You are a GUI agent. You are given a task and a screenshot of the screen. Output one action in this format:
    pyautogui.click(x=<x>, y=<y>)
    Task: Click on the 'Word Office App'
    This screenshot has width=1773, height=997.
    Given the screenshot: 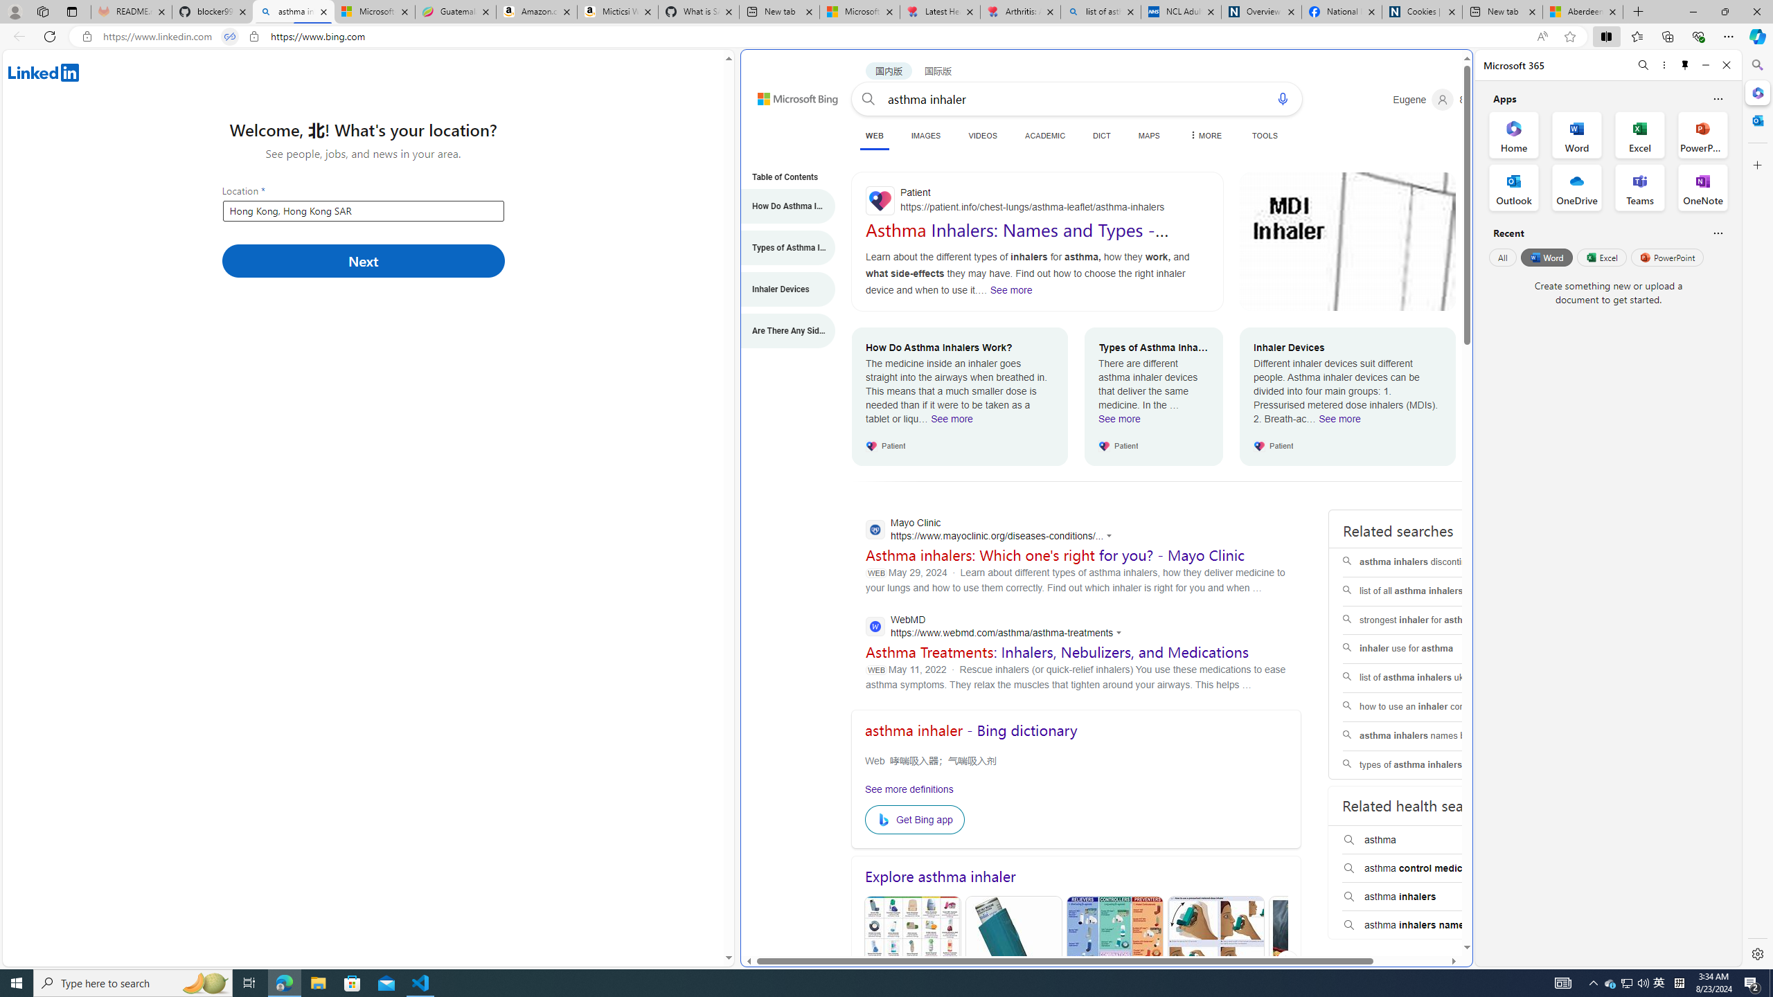 What is the action you would take?
    pyautogui.click(x=1576, y=135)
    